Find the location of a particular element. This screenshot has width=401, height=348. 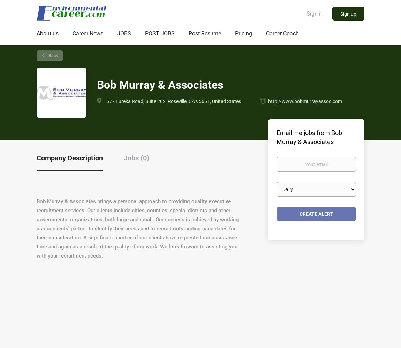

'Pricing' is located at coordinates (235, 33).